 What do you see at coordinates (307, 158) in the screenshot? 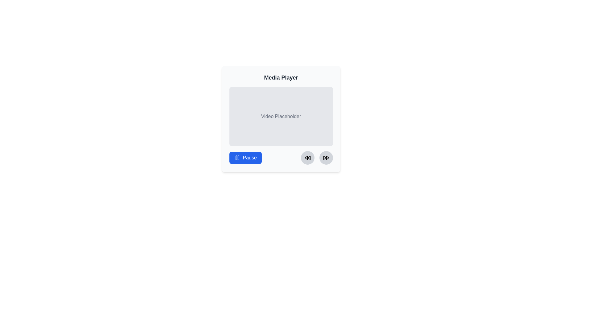
I see `the rewind icon button in the media player` at bounding box center [307, 158].